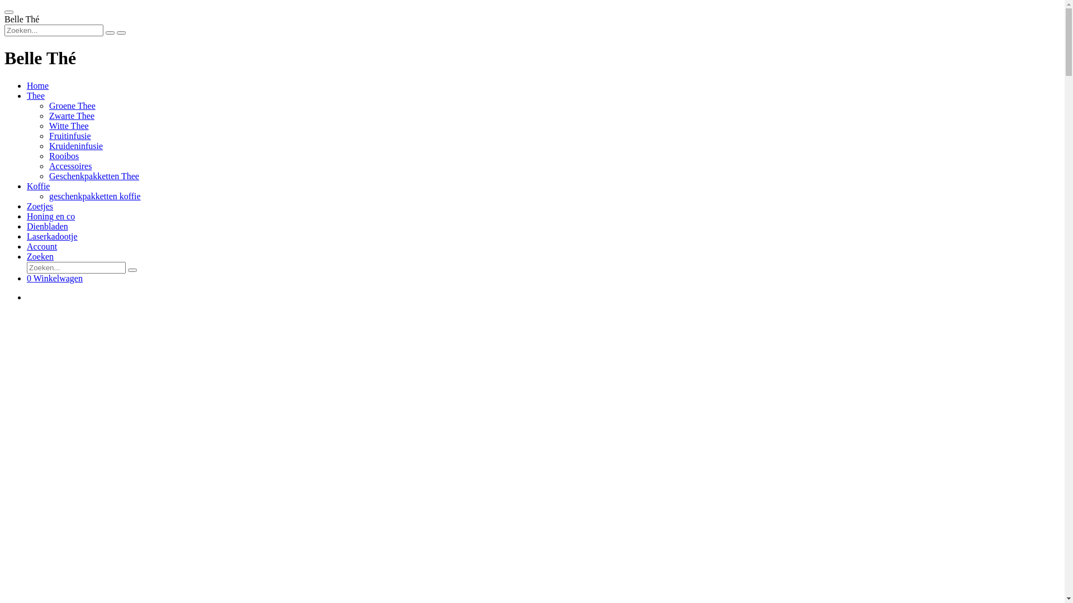 Image resolution: width=1073 pixels, height=603 pixels. I want to click on 'Dienbladen', so click(47, 226).